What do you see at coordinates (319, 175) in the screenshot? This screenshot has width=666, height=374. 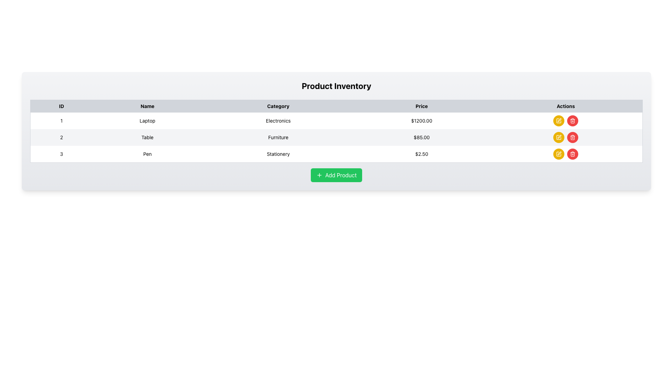 I see `the plus sign icon located within the green 'Add Product' button, which is positioned below the product inventory table` at bounding box center [319, 175].